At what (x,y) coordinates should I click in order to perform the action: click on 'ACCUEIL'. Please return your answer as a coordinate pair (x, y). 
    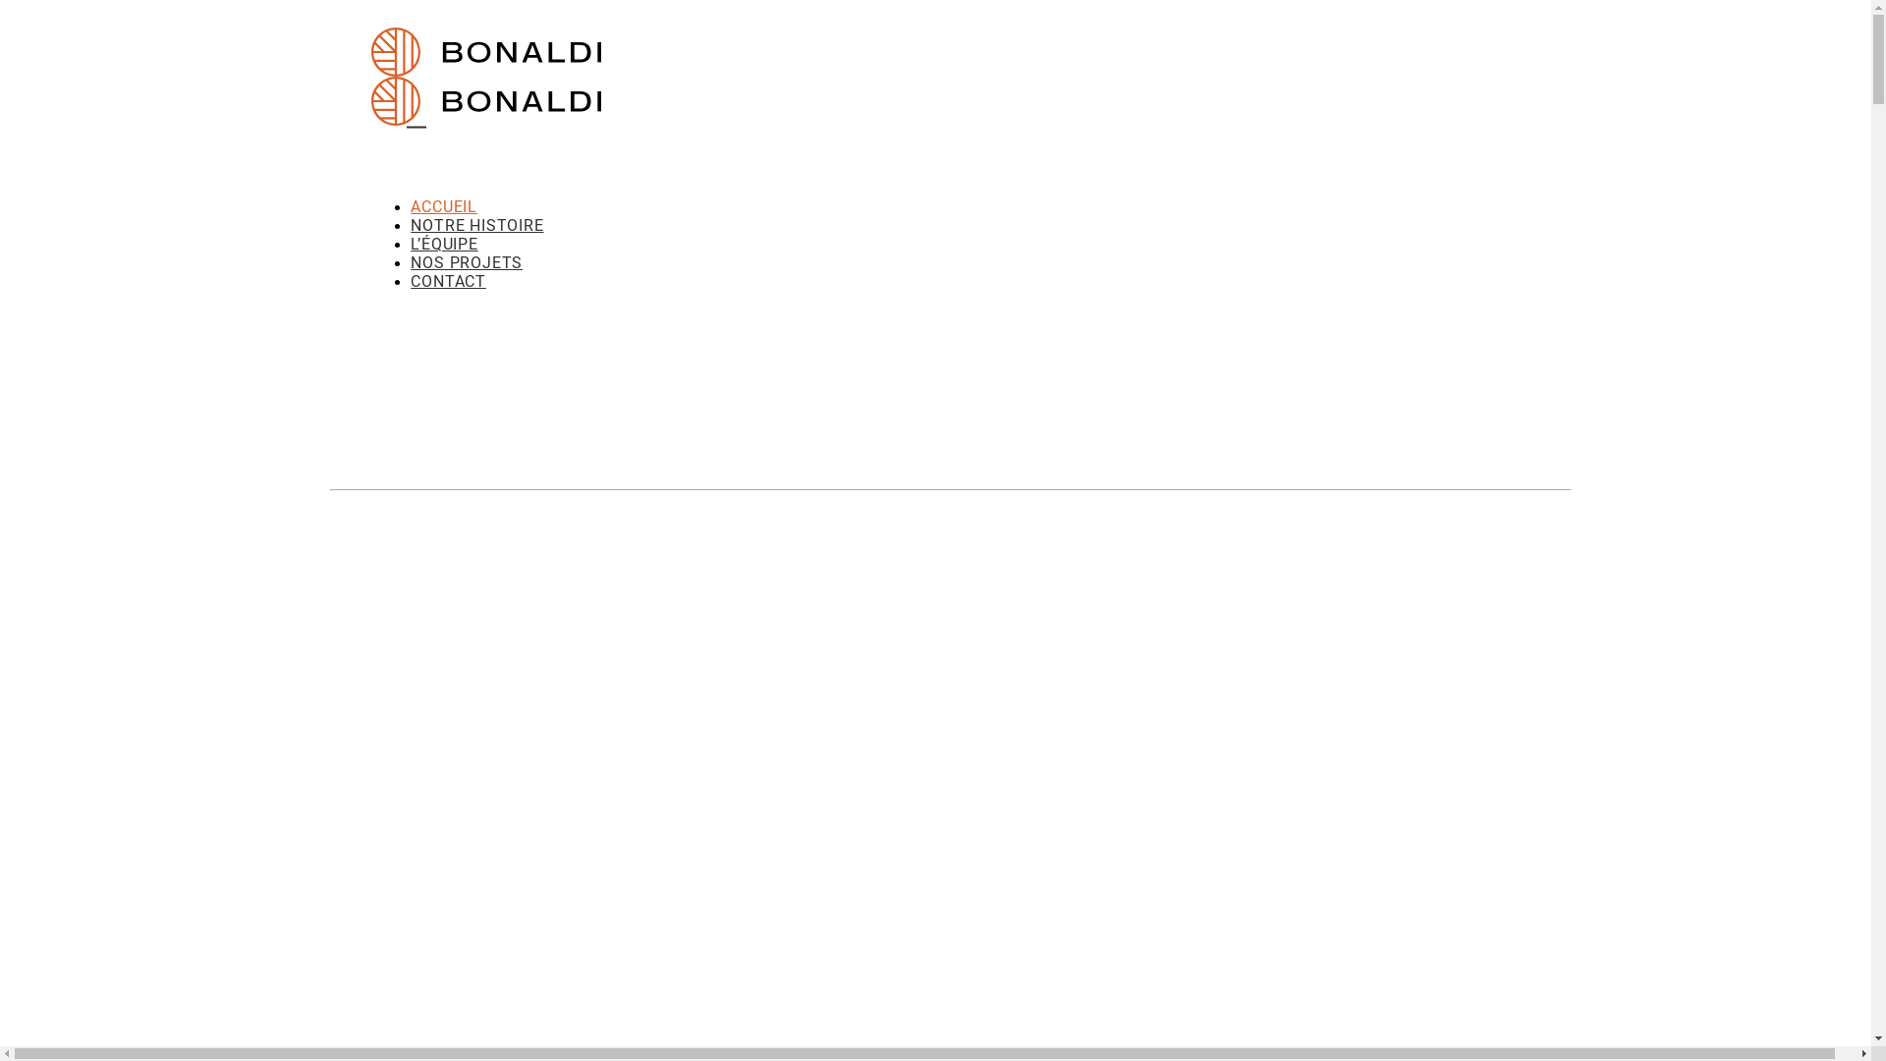
    Looking at the image, I should click on (442, 206).